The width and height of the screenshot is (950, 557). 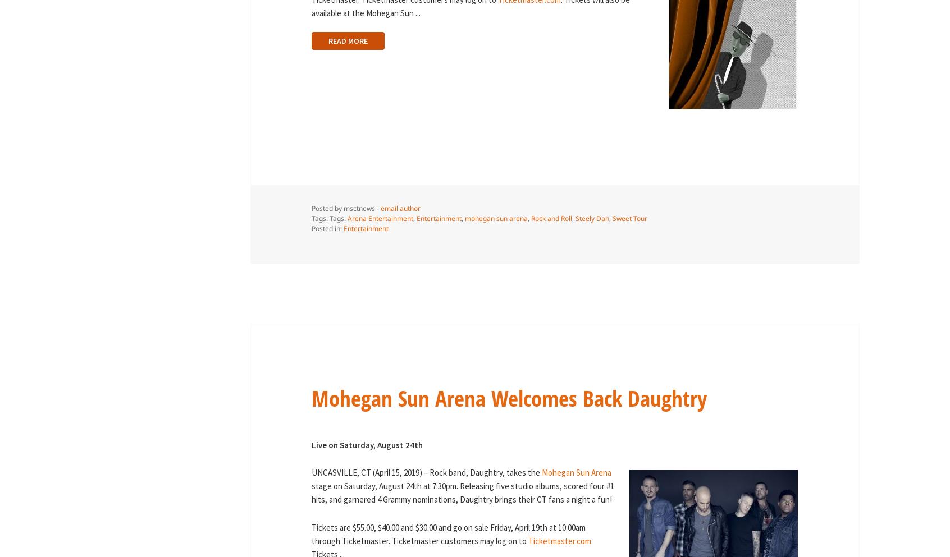 What do you see at coordinates (530, 217) in the screenshot?
I see `'Rock and Roll'` at bounding box center [530, 217].